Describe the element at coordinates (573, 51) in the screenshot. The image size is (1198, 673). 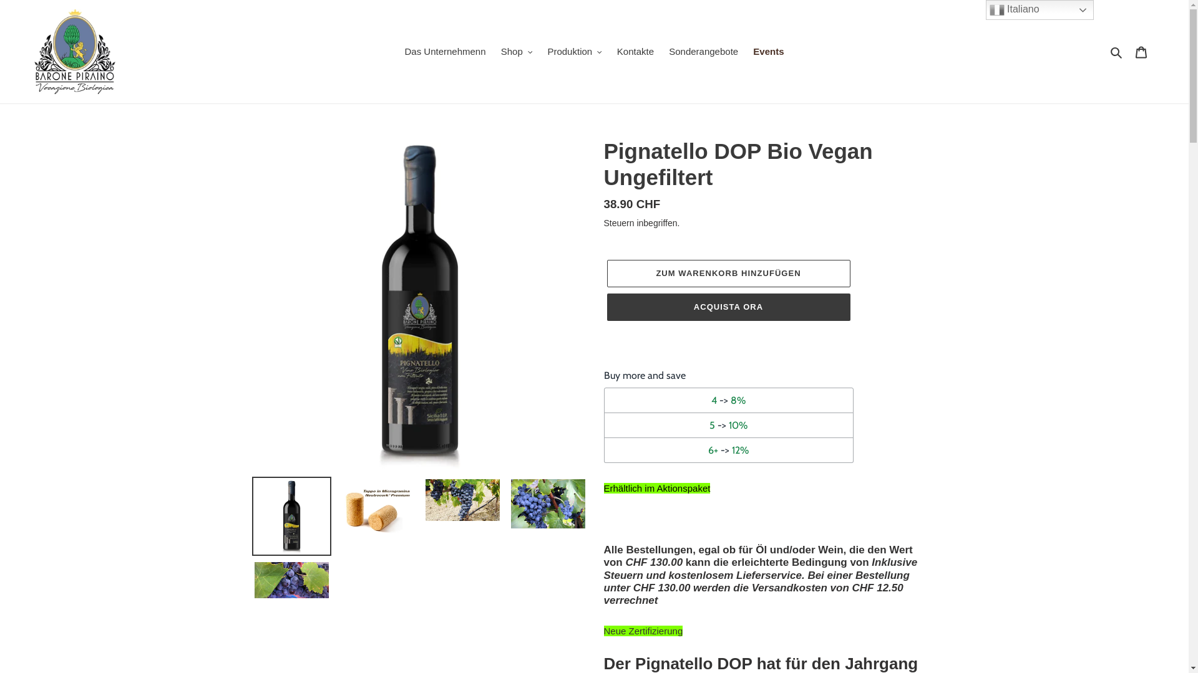
I see `'Produktion'` at that location.